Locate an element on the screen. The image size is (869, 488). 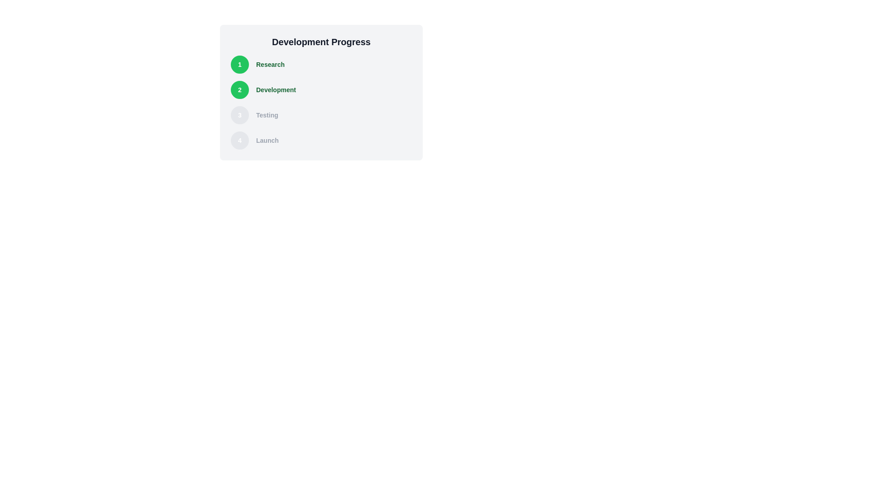
the Circular step indicator representing the 'Testing' step in the Development Progress section of the interface is located at coordinates (239, 114).